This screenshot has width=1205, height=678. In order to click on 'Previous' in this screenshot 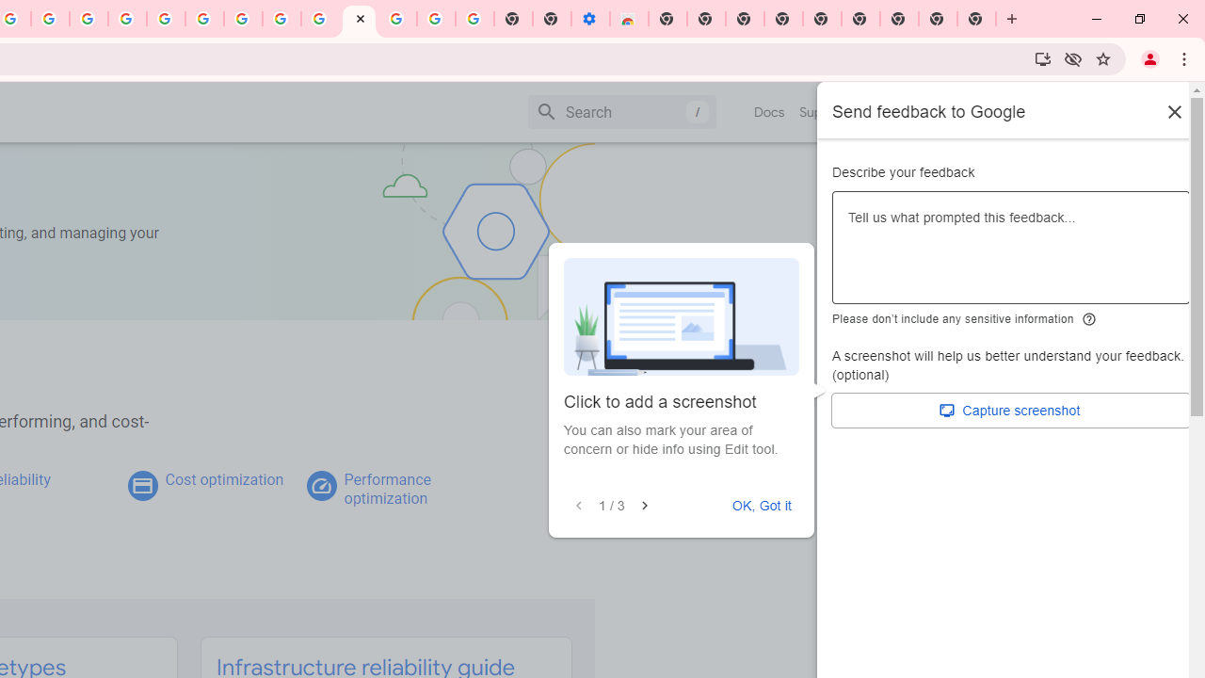, I will do `click(578, 505)`.